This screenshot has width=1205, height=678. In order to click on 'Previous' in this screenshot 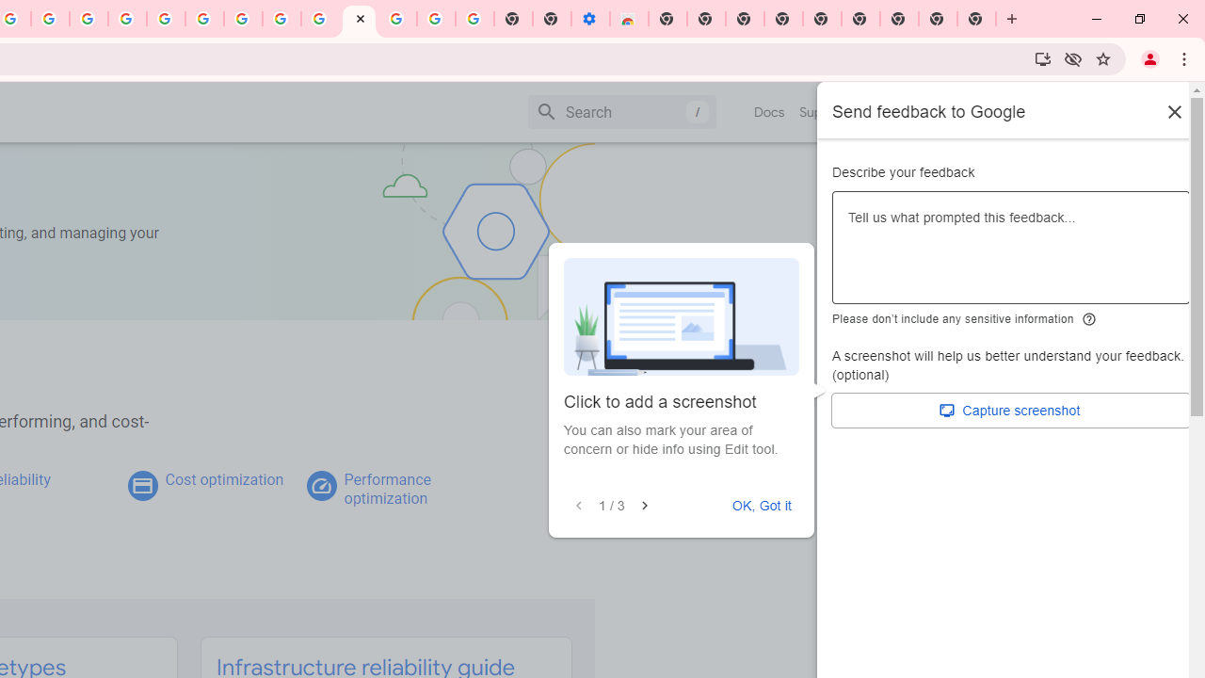, I will do `click(578, 505)`.